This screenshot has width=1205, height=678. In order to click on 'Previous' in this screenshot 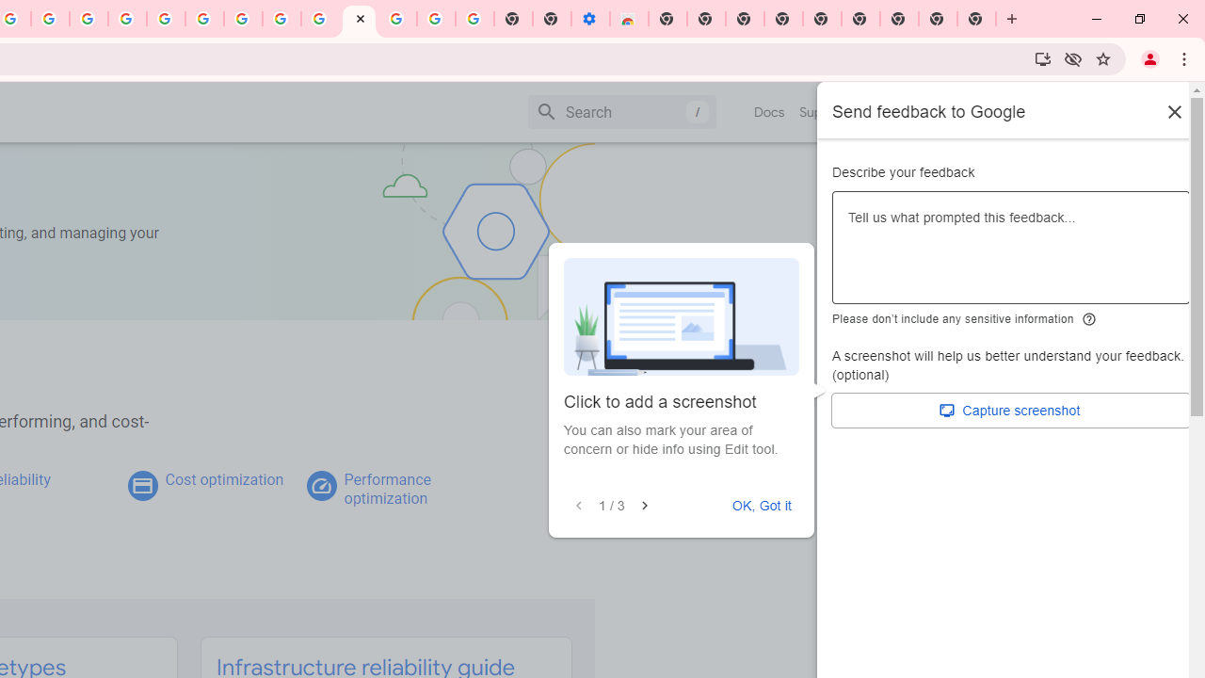, I will do `click(578, 505)`.